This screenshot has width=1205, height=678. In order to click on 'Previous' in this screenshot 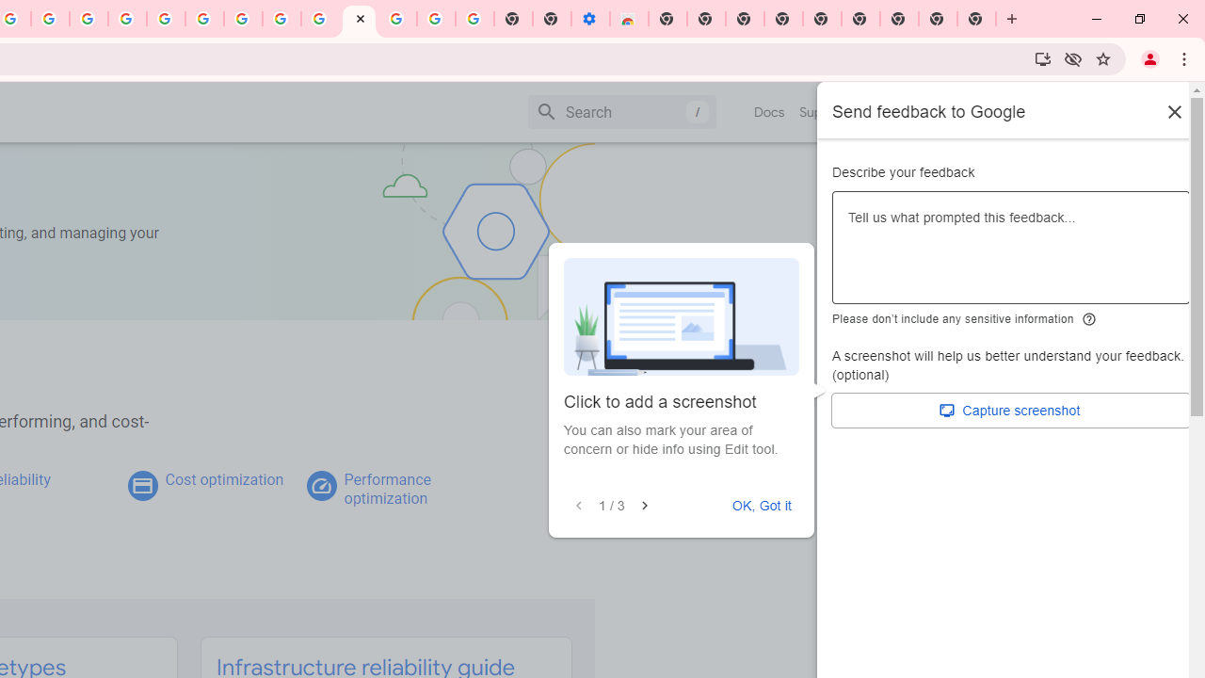, I will do `click(578, 505)`.